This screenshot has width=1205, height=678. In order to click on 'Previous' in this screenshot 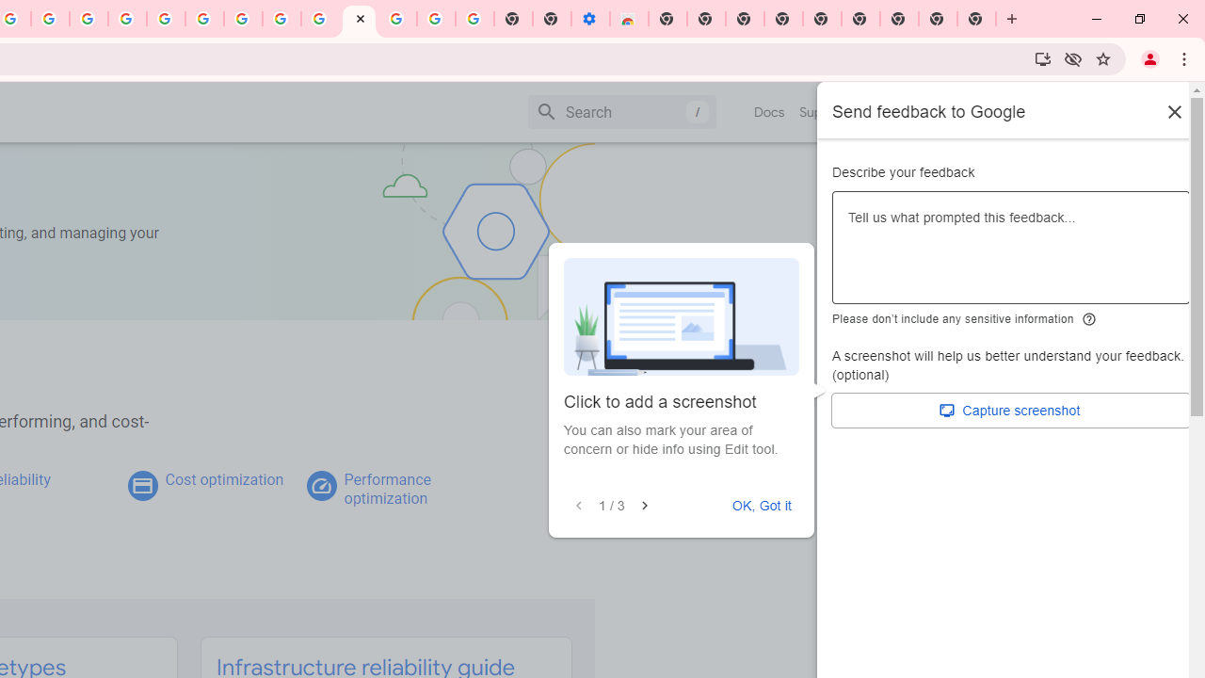, I will do `click(578, 505)`.